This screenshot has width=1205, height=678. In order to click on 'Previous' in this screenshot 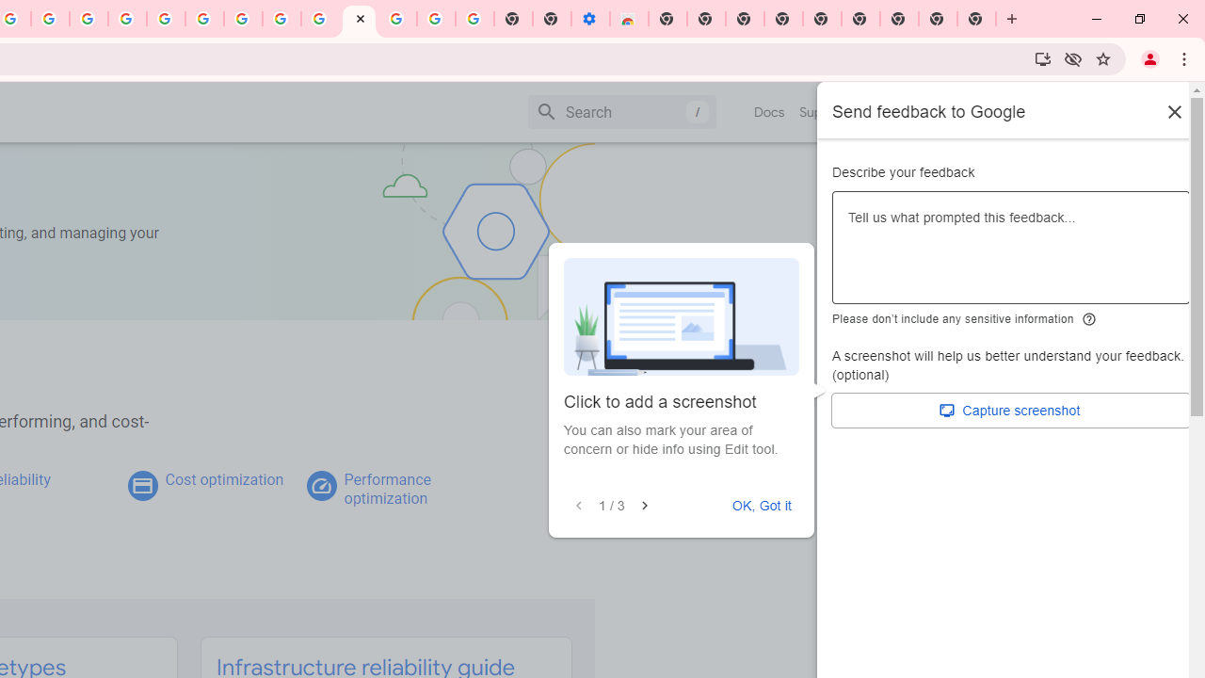, I will do `click(578, 505)`.